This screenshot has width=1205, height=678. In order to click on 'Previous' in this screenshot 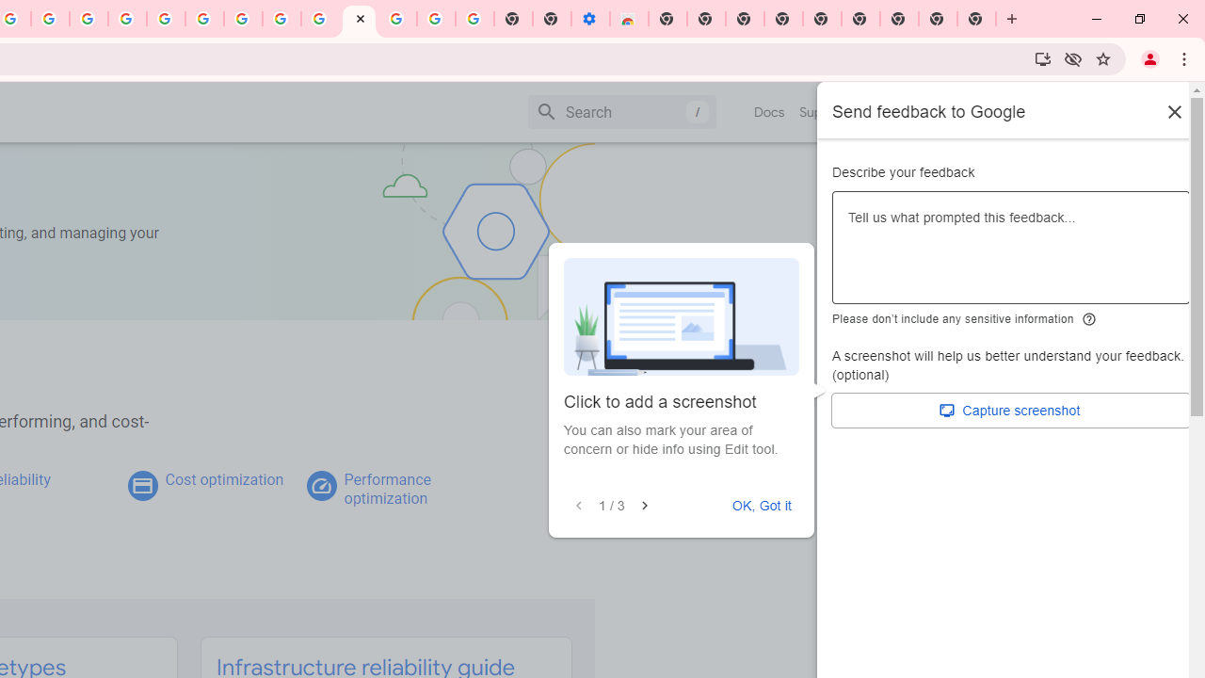, I will do `click(578, 505)`.